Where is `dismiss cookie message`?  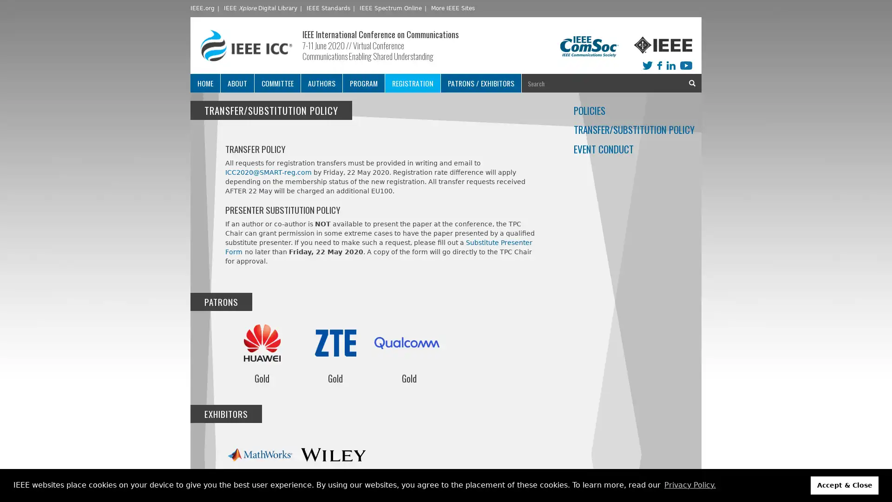 dismiss cookie message is located at coordinates (845, 485).